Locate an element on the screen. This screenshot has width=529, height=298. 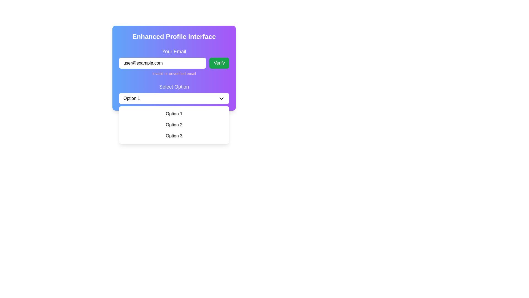
the first item in the dropdown menu labeled 'Option 1' is located at coordinates (174, 113).